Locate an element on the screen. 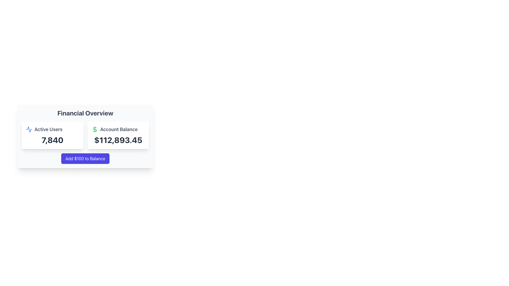 Image resolution: width=509 pixels, height=286 pixels. the currency icon located to the left of the 'Account Balance' label in the 'Financial Overview' section is located at coordinates (95, 129).